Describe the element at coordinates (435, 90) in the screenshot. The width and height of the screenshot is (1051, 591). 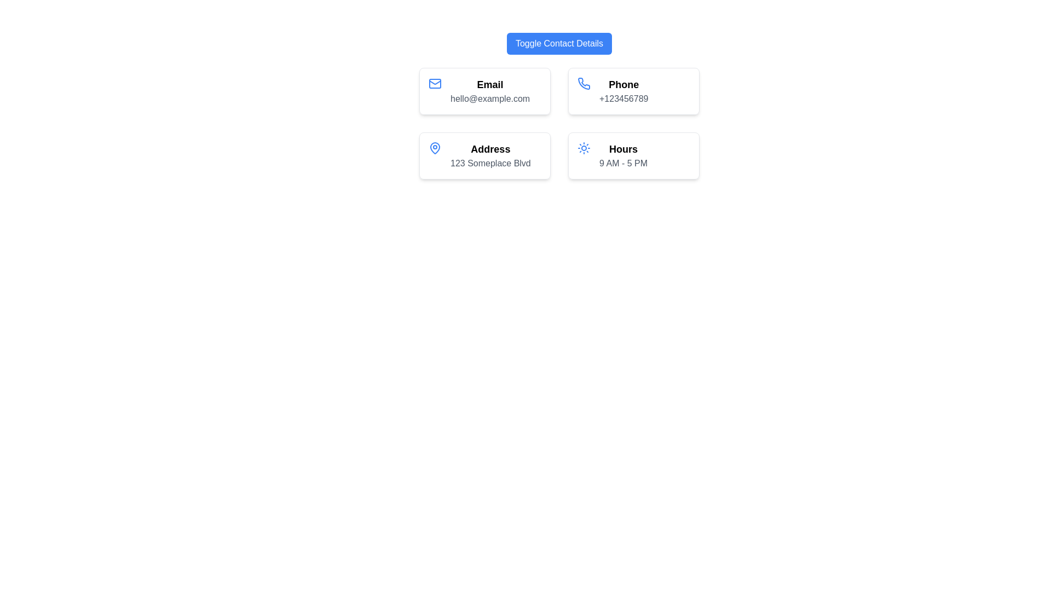
I see `the email icon that visually represents the email contact detail, which is positioned centrally above the text 'hello@example.com'` at that location.